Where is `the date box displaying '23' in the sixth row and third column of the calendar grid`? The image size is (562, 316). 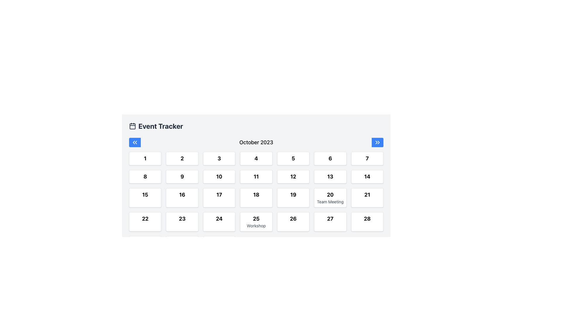
the date box displaying '23' in the sixth row and third column of the calendar grid is located at coordinates (182, 222).